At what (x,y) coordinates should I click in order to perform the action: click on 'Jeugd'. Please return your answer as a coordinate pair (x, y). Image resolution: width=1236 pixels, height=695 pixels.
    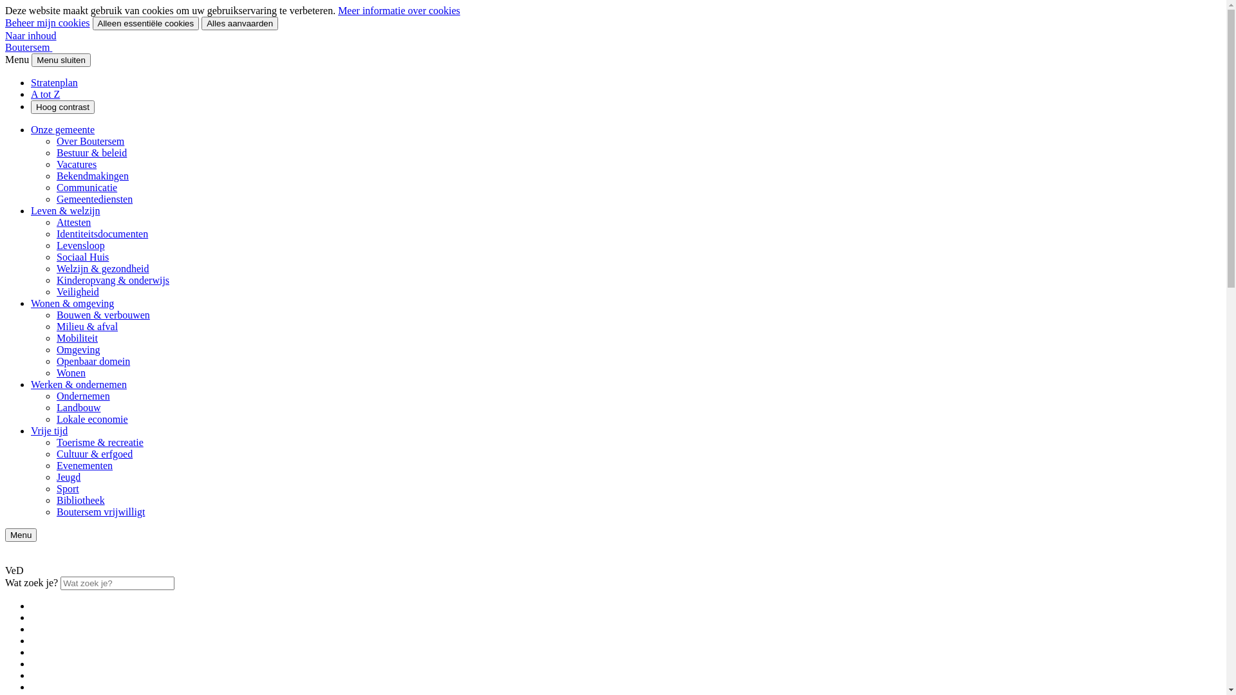
    Looking at the image, I should click on (68, 477).